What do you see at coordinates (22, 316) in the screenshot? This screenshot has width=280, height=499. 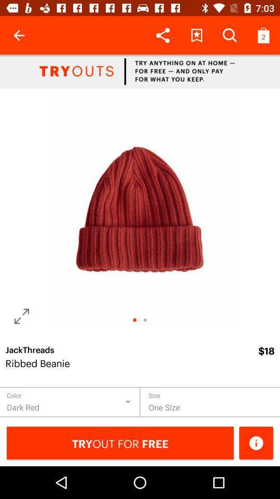 I see `the fullscreen icon` at bounding box center [22, 316].